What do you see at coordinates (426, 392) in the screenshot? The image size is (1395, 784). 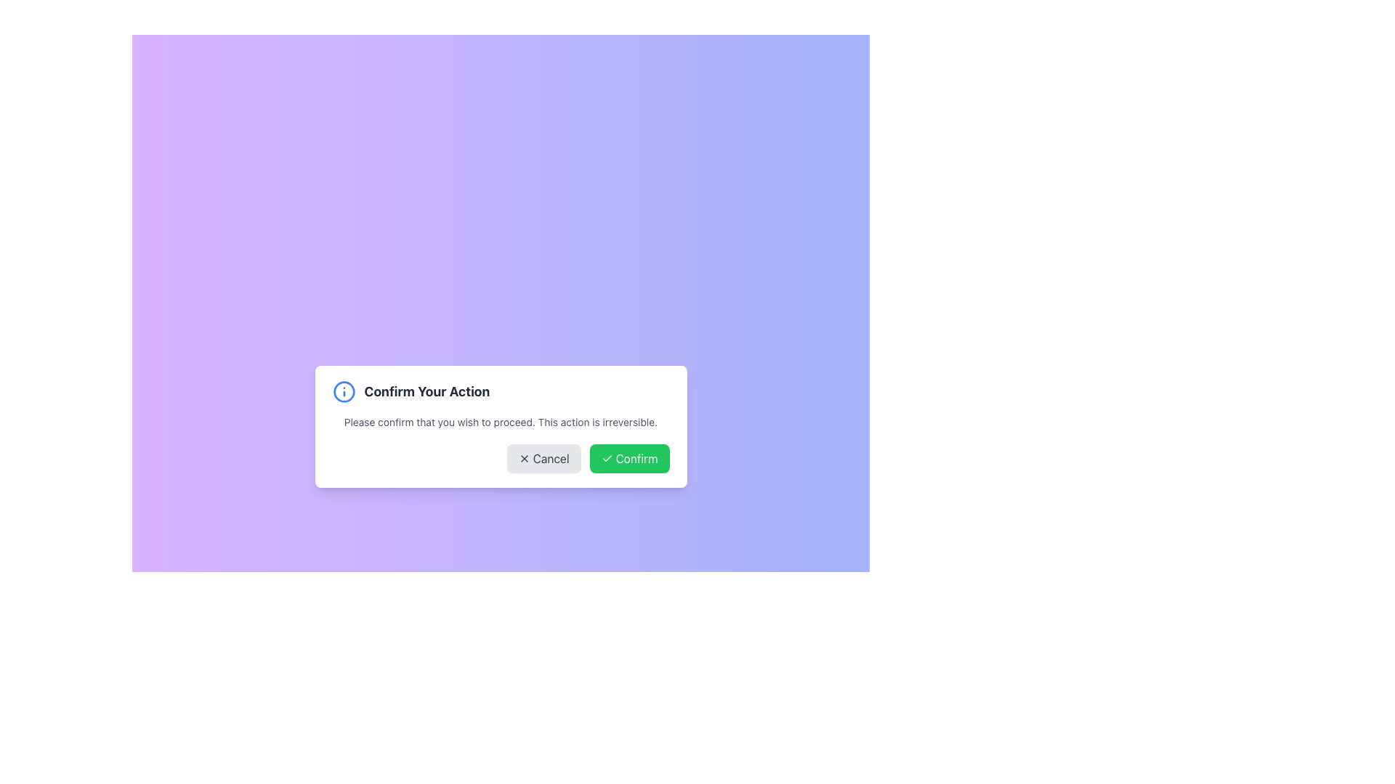 I see `header text of the modal dialog, which is centrally positioned to the right of the circular blue informational icon` at bounding box center [426, 392].